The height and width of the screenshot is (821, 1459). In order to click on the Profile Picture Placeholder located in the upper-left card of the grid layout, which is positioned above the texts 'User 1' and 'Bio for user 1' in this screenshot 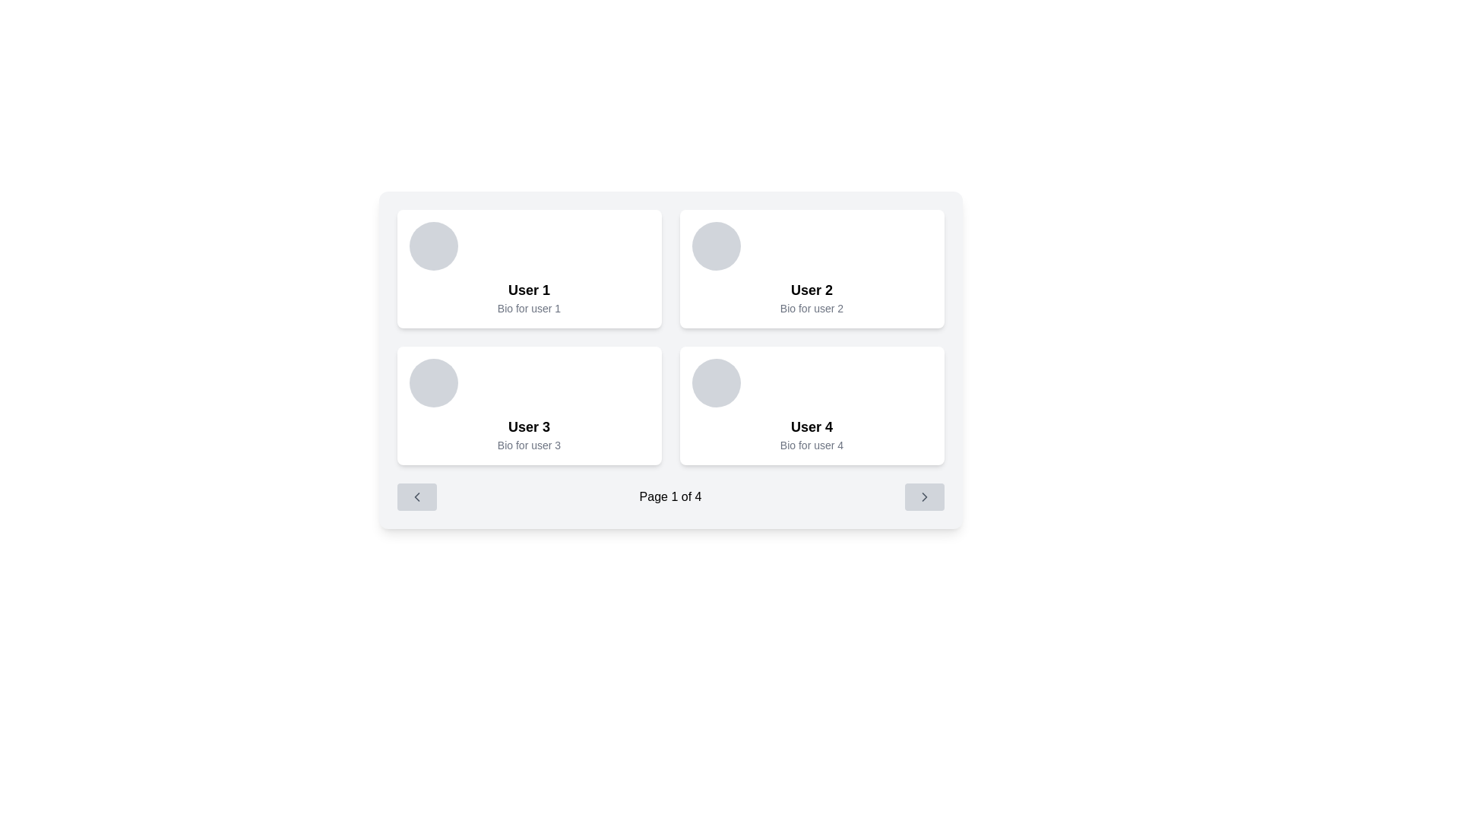, I will do `click(432, 246)`.